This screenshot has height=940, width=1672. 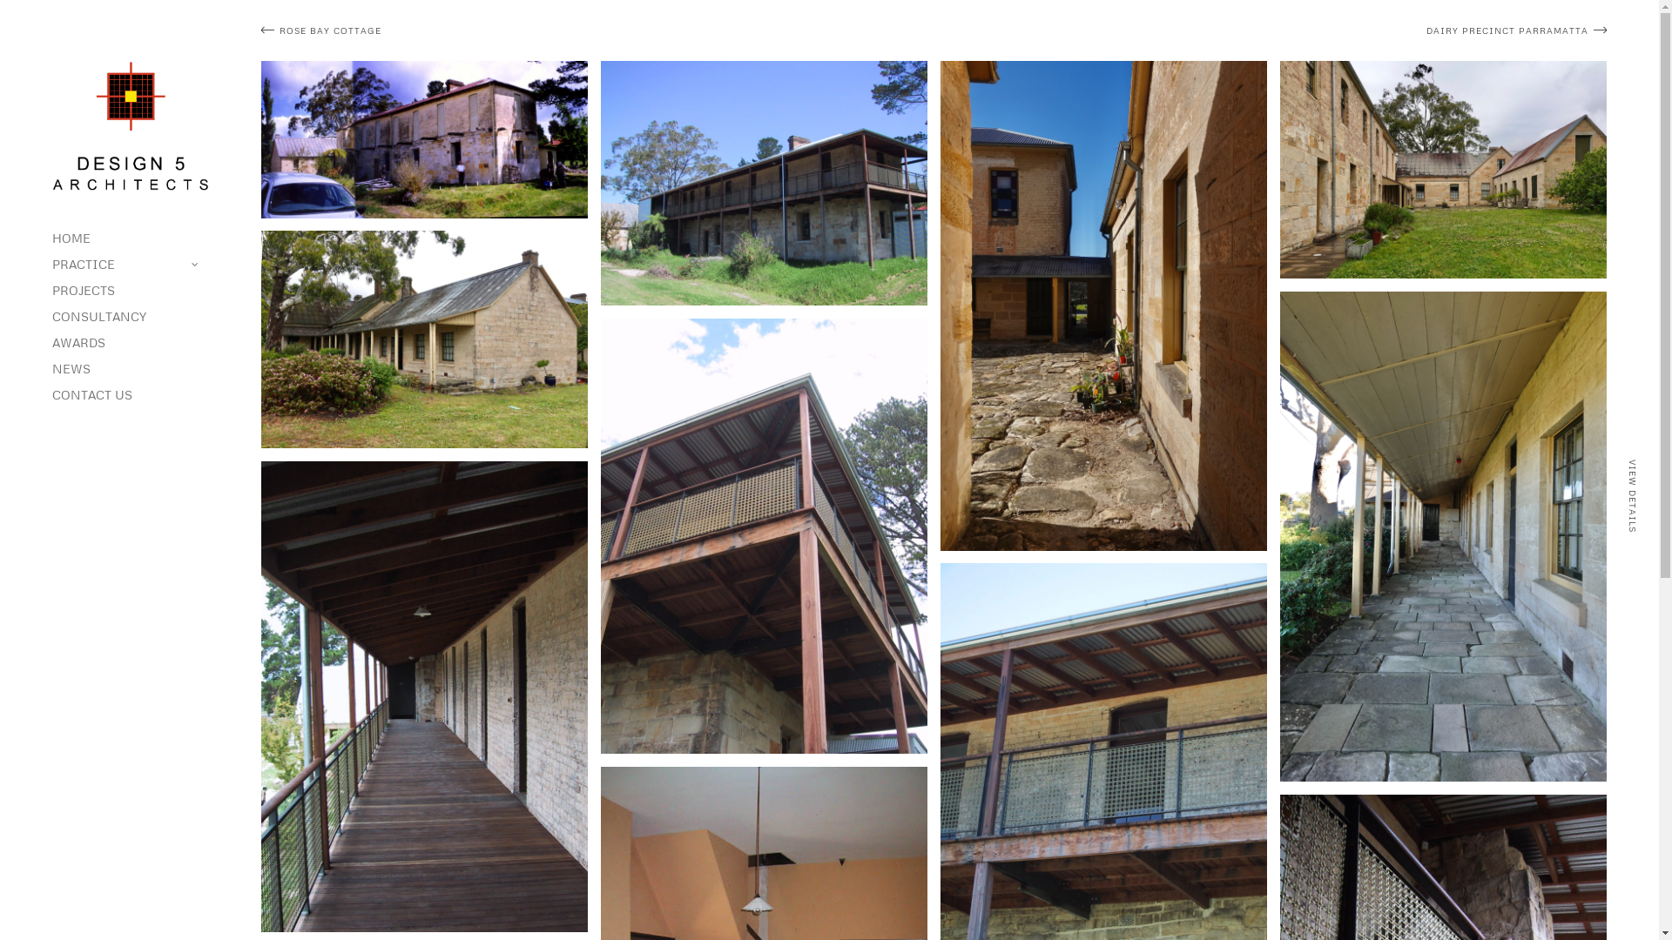 I want to click on 'PROJECTS', so click(x=129, y=290).